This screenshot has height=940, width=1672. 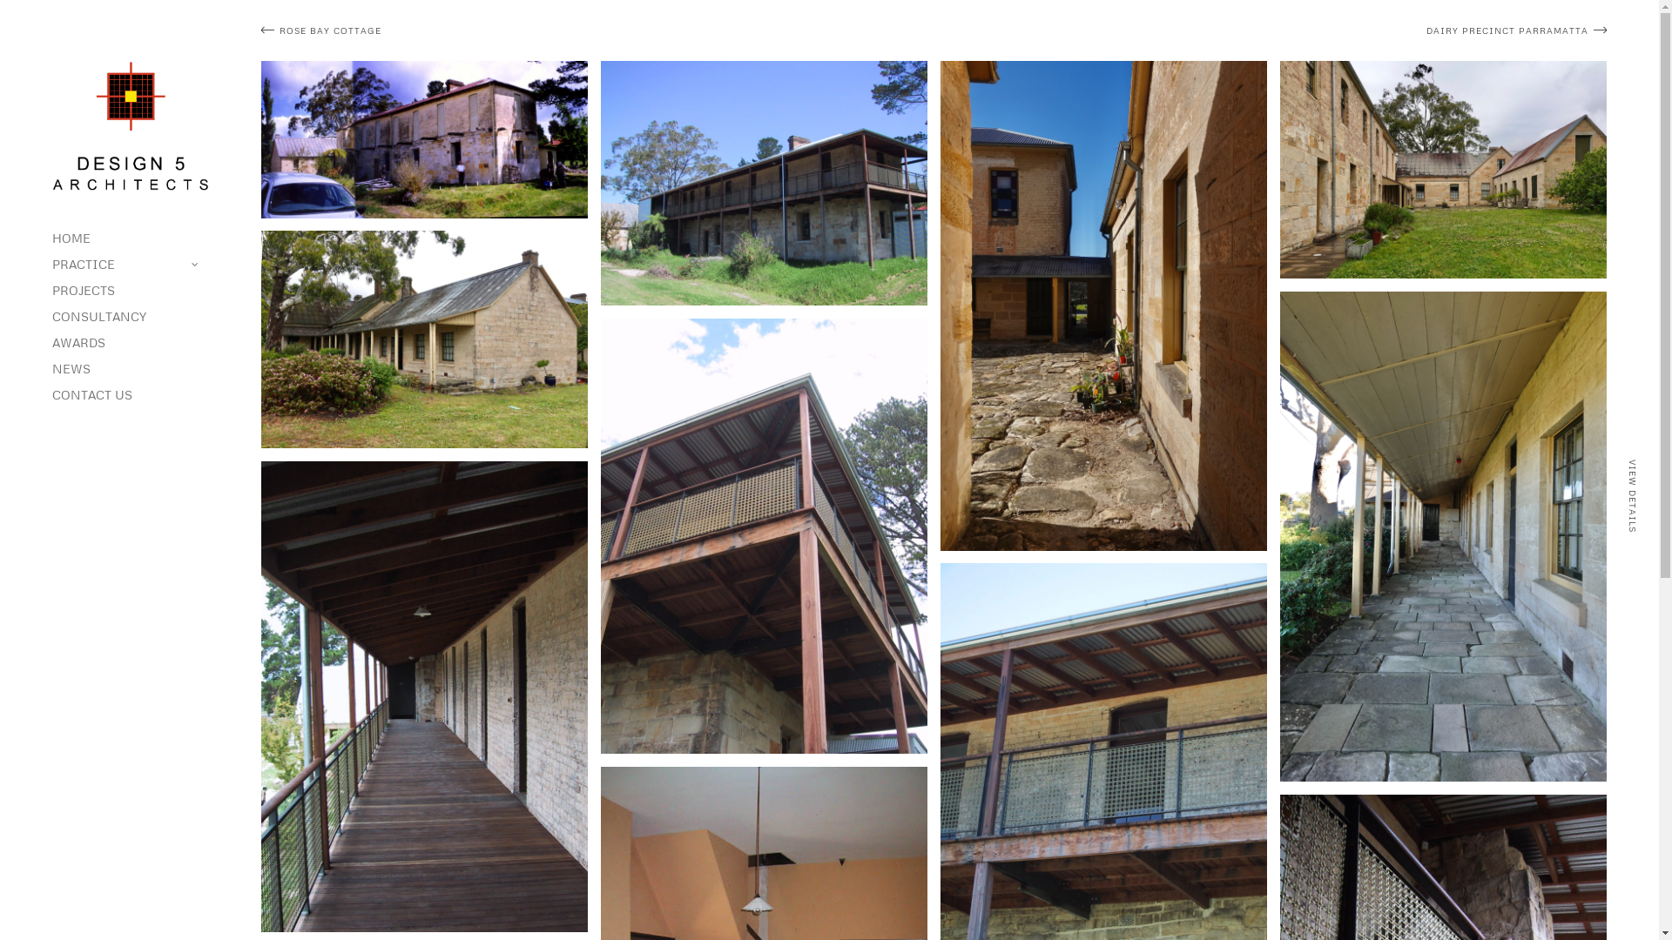 I want to click on 'PROJECTS', so click(x=129, y=290).